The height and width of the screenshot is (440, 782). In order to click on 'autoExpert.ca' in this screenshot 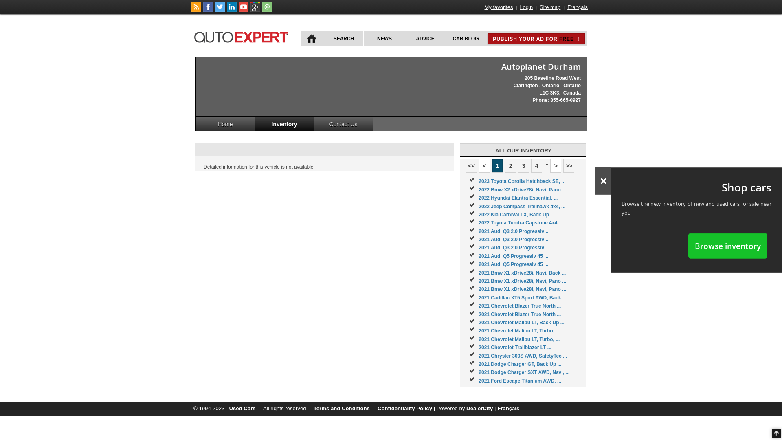, I will do `click(242, 35)`.